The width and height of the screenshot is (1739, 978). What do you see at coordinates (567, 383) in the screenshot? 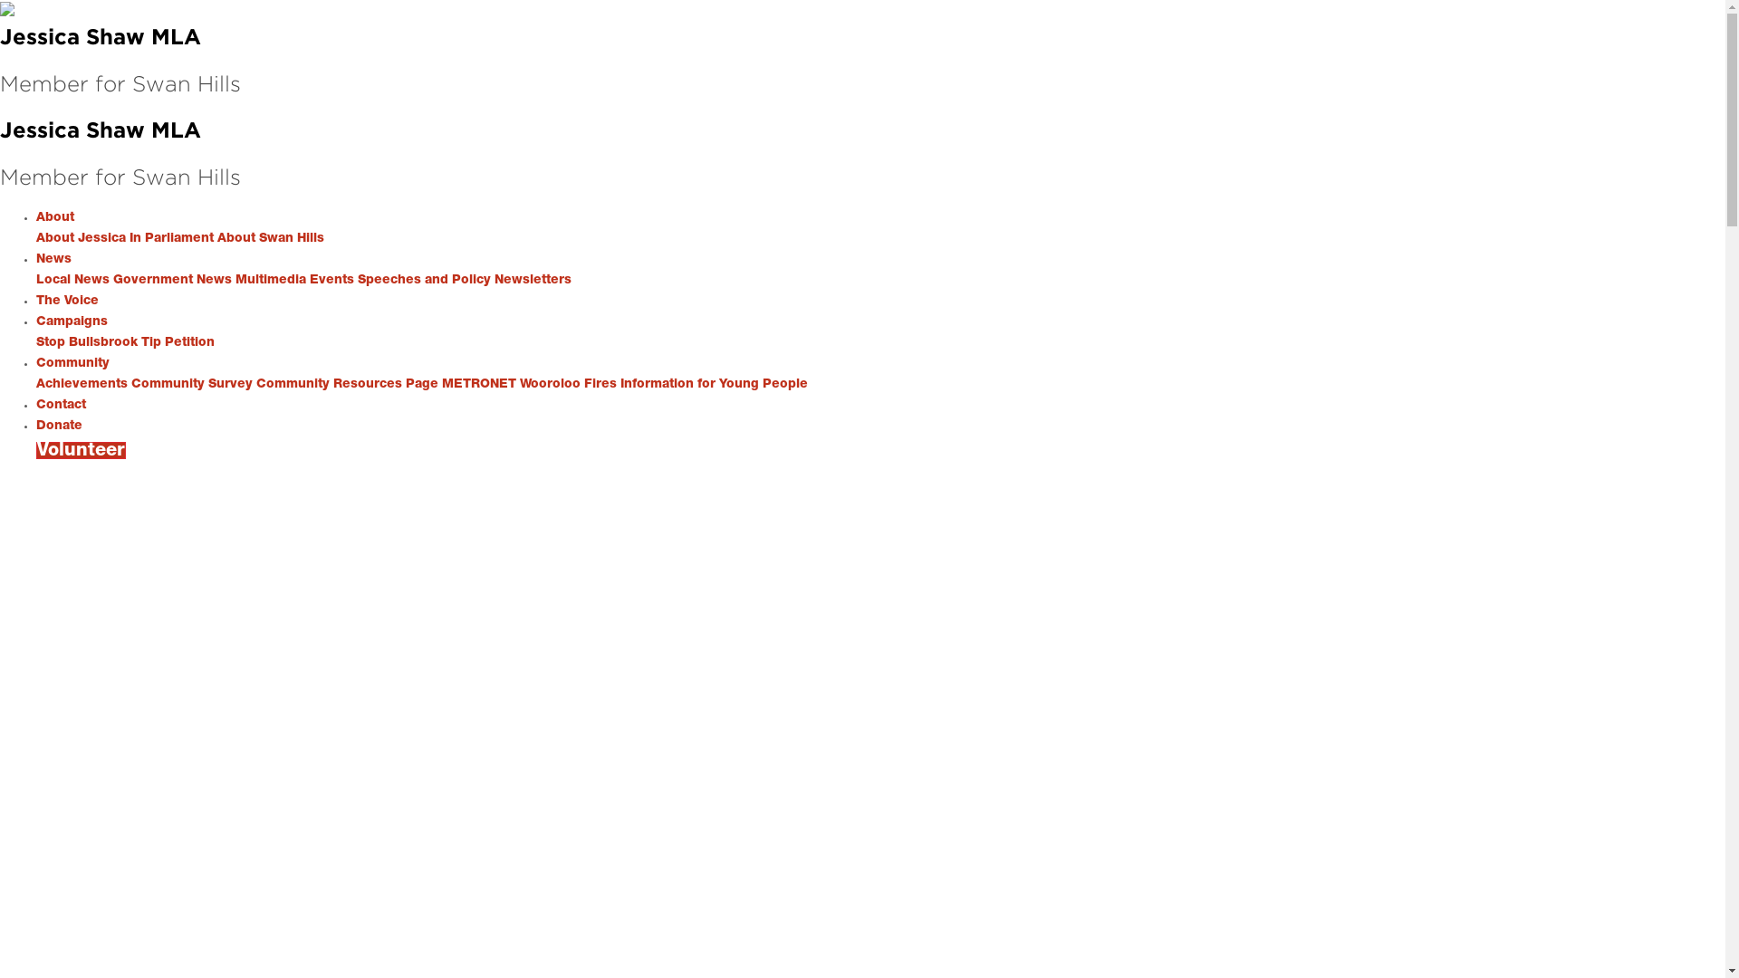
I see `'Wooroloo Fires'` at bounding box center [567, 383].